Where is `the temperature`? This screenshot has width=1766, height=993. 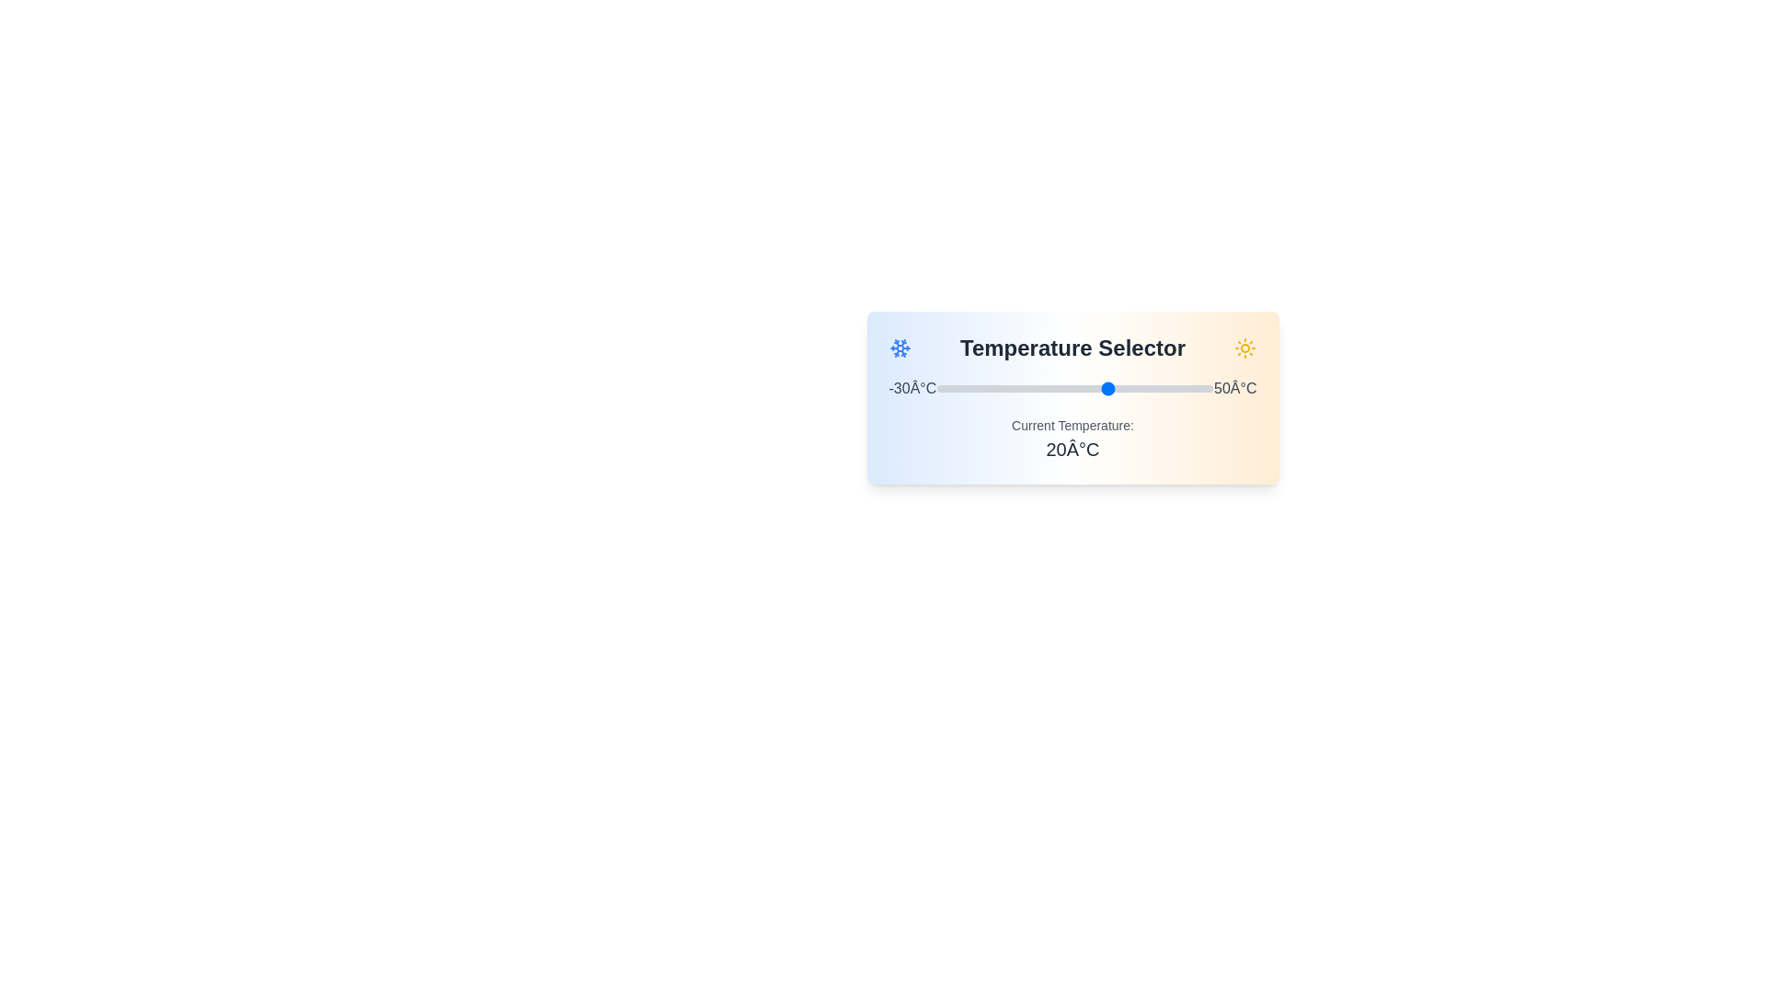 the temperature is located at coordinates (947, 388).